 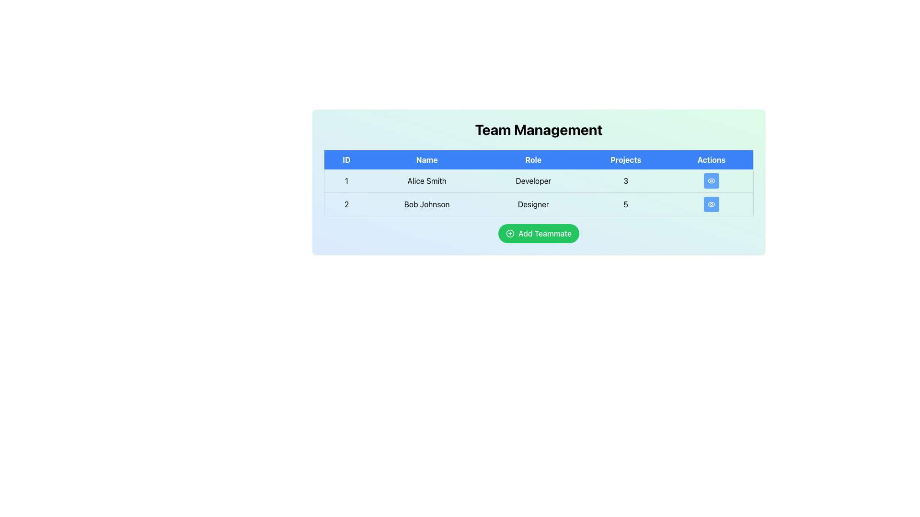 What do you see at coordinates (539, 192) in the screenshot?
I see `the table cell representing the job role 'Developer' in the first row under the 'Role' column` at bounding box center [539, 192].